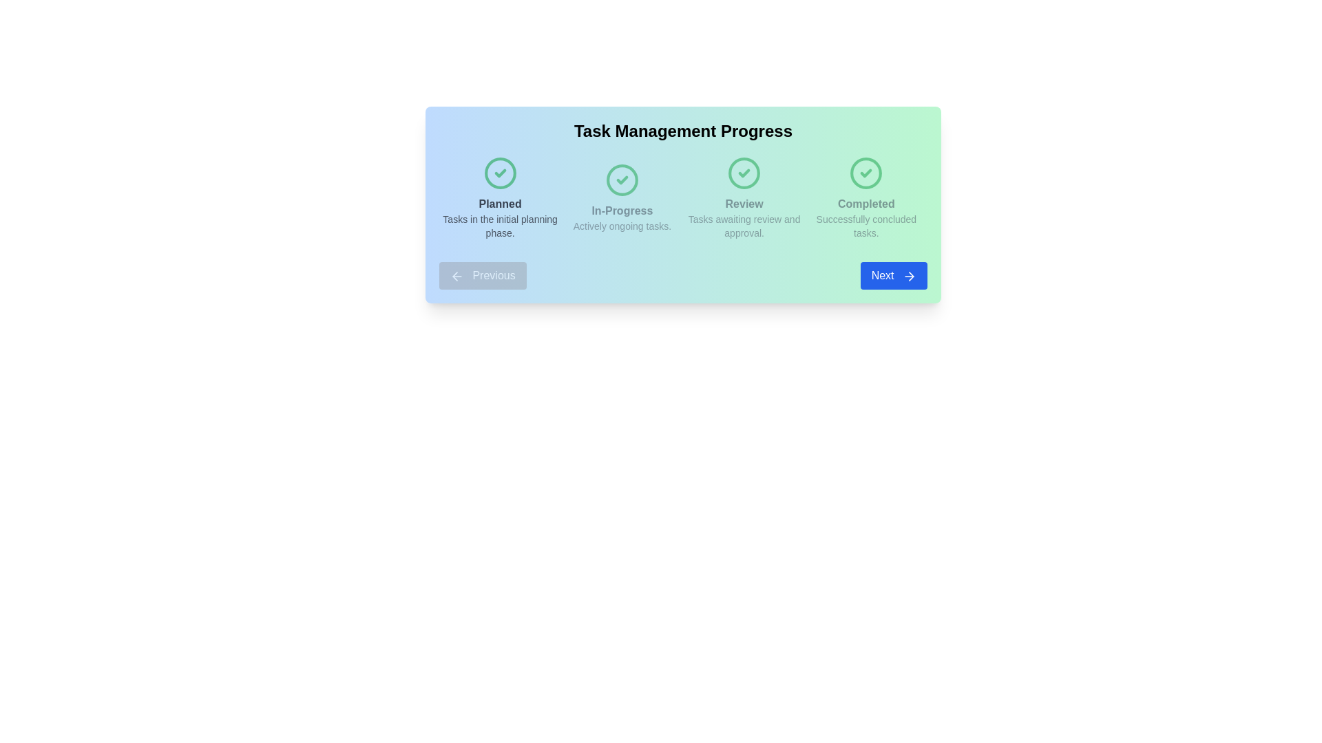 The image size is (1322, 743). What do you see at coordinates (621, 198) in the screenshot?
I see `the stage corresponding to In-Progress` at bounding box center [621, 198].